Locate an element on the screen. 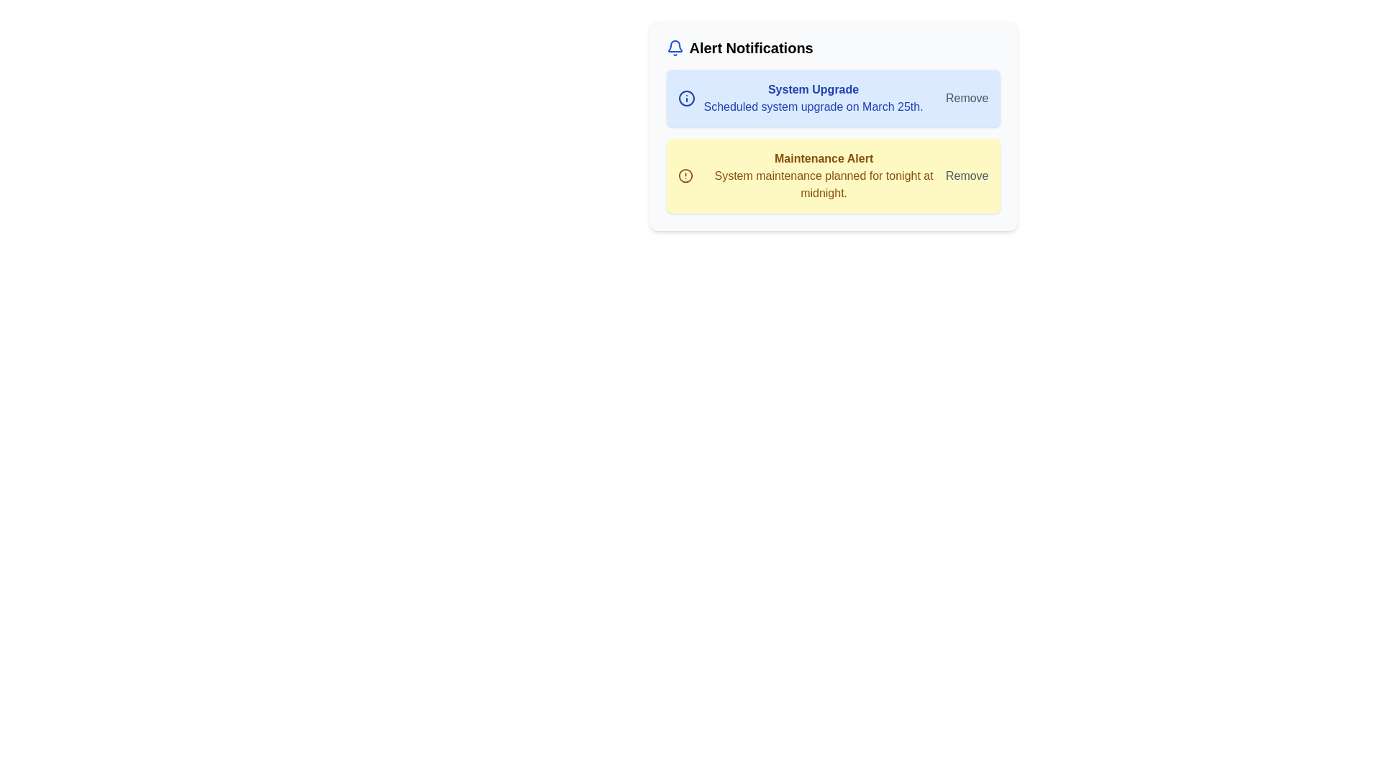 The image size is (1381, 777). the 'Remove' button for the notification titled 'System Upgrade' is located at coordinates (967, 98).